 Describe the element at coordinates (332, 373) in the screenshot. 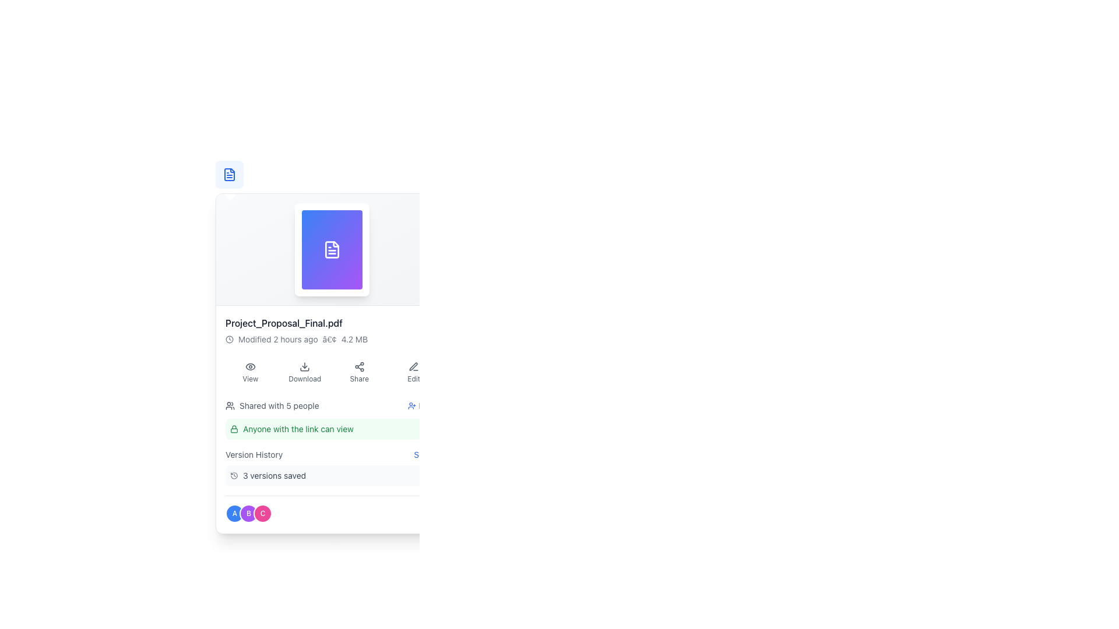

I see `the 'Share' button in the group of action buttons` at that location.